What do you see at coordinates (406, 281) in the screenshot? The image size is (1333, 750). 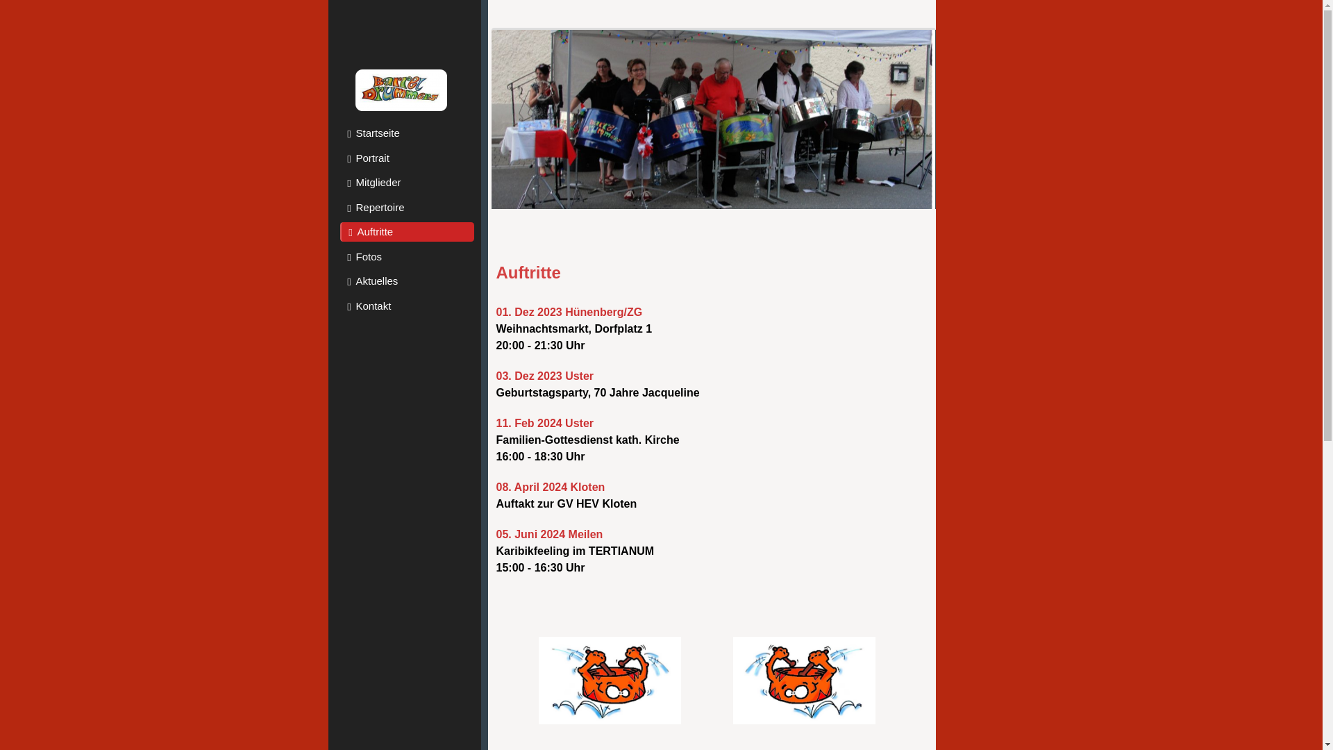 I see `'Aktuelles'` at bounding box center [406, 281].